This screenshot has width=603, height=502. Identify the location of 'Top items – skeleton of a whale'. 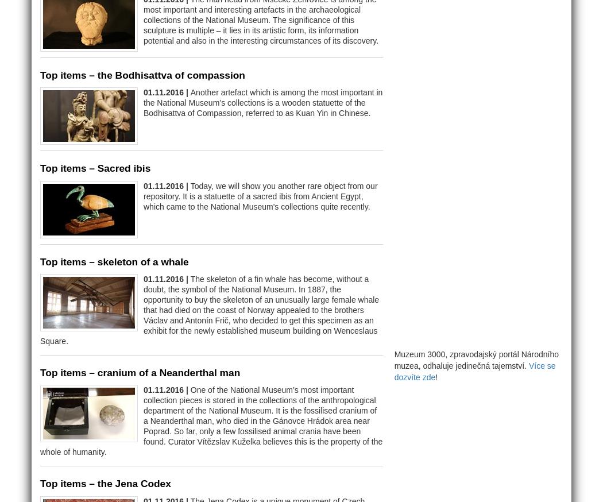
(40, 261).